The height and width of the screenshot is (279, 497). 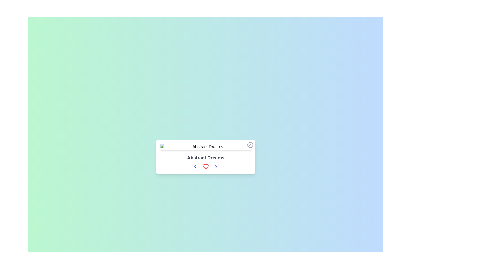 What do you see at coordinates (206, 157) in the screenshot?
I see `the text label header titled 'Abstract Dreams', which is centrally positioned above a row of interactive icons` at bounding box center [206, 157].